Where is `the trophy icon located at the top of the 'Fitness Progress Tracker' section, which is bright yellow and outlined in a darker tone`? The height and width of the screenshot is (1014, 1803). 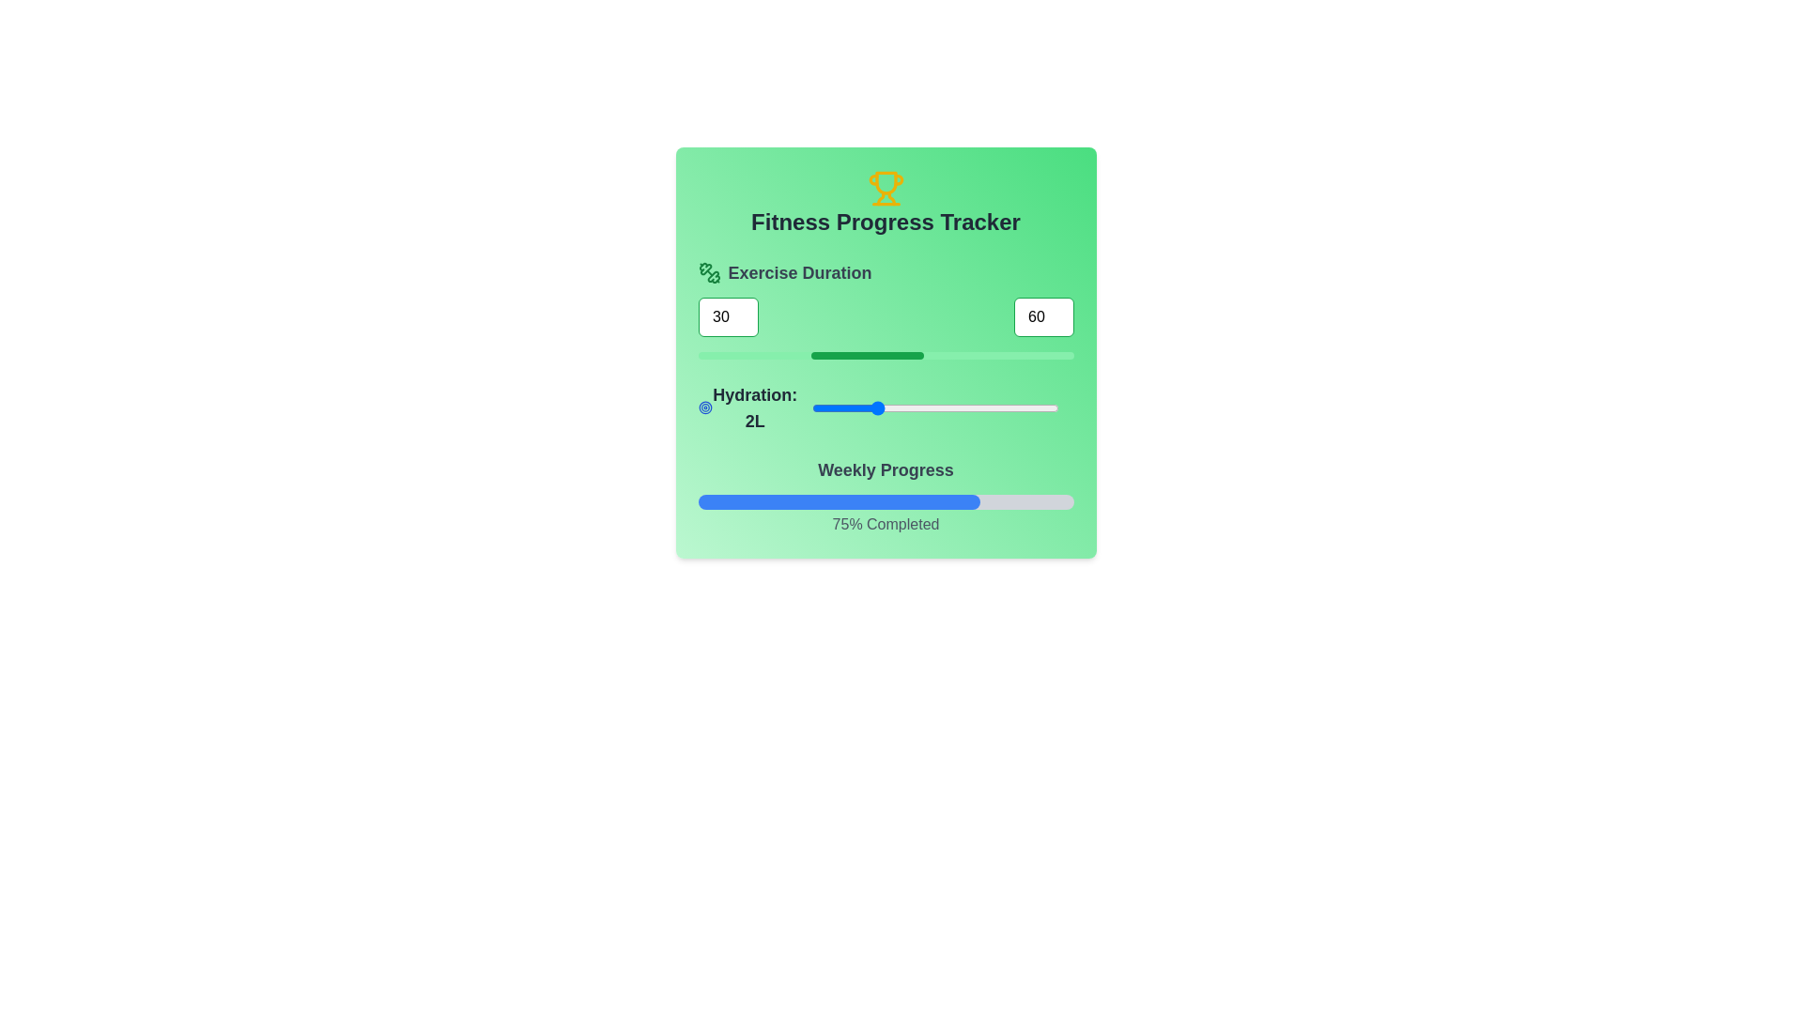 the trophy icon located at the top of the 'Fitness Progress Tracker' section, which is bright yellow and outlined in a darker tone is located at coordinates (885, 188).